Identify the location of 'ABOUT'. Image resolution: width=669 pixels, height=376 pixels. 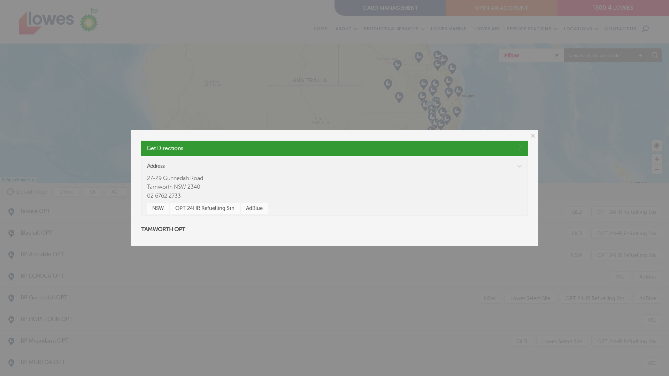
(346, 29).